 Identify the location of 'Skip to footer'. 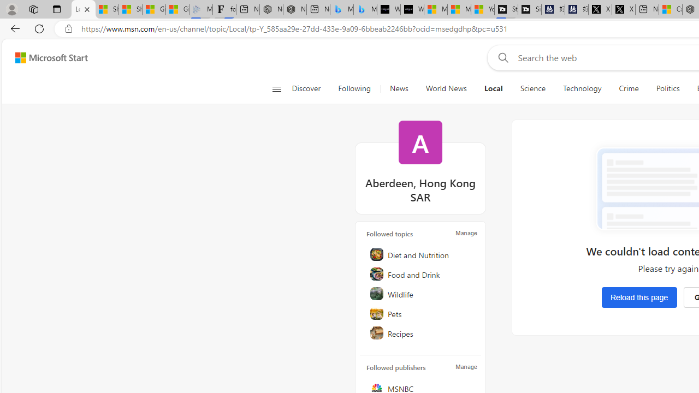
(44, 57).